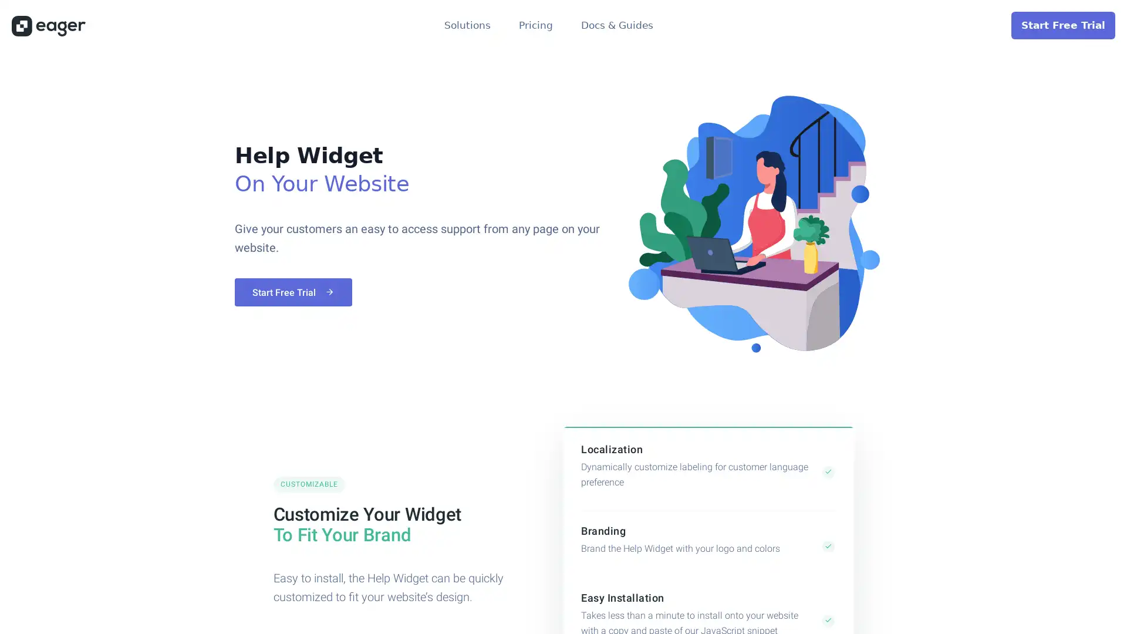  I want to click on Start Free Trial, so click(293, 291).